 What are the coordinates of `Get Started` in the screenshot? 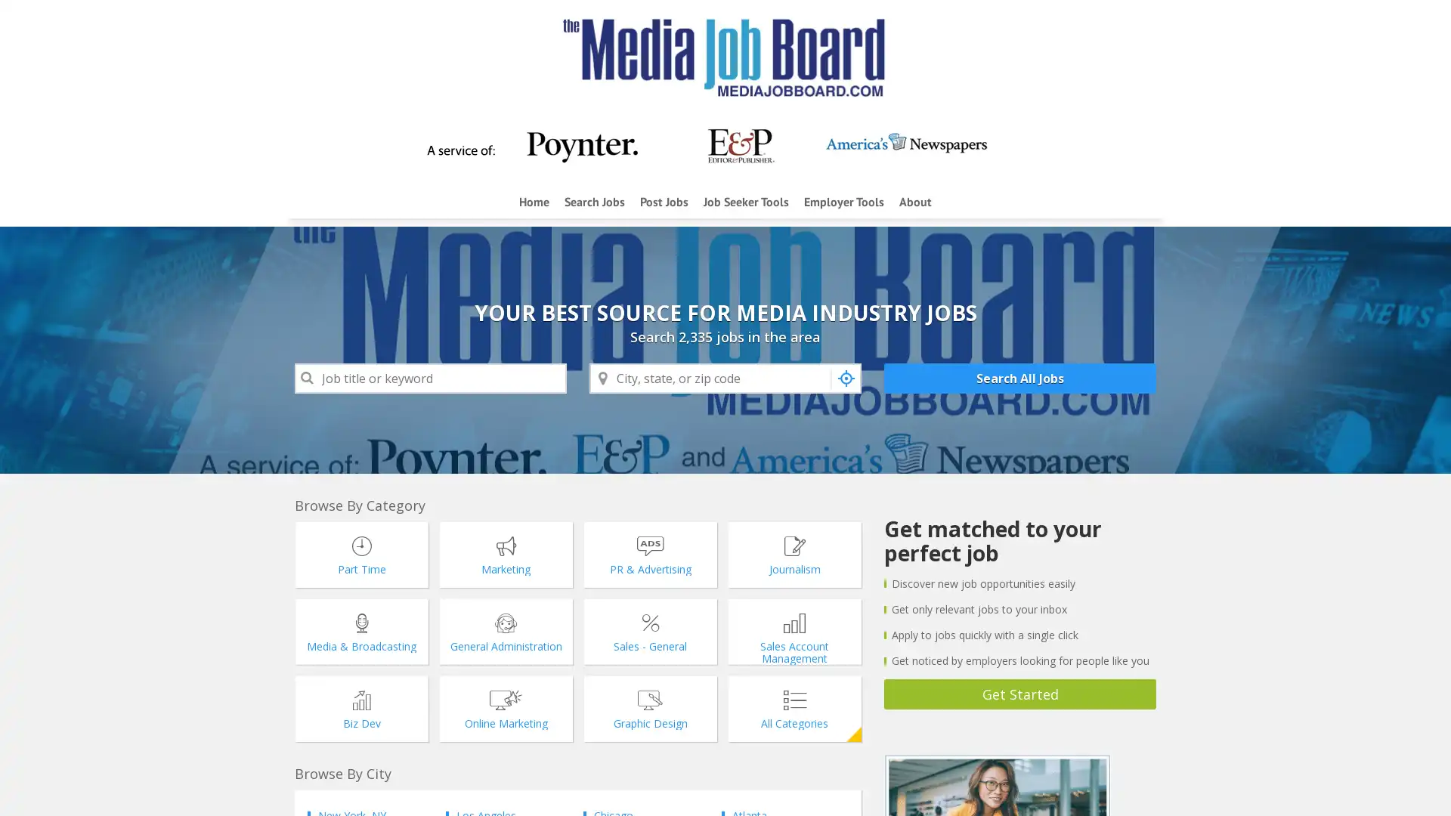 It's located at (1019, 694).